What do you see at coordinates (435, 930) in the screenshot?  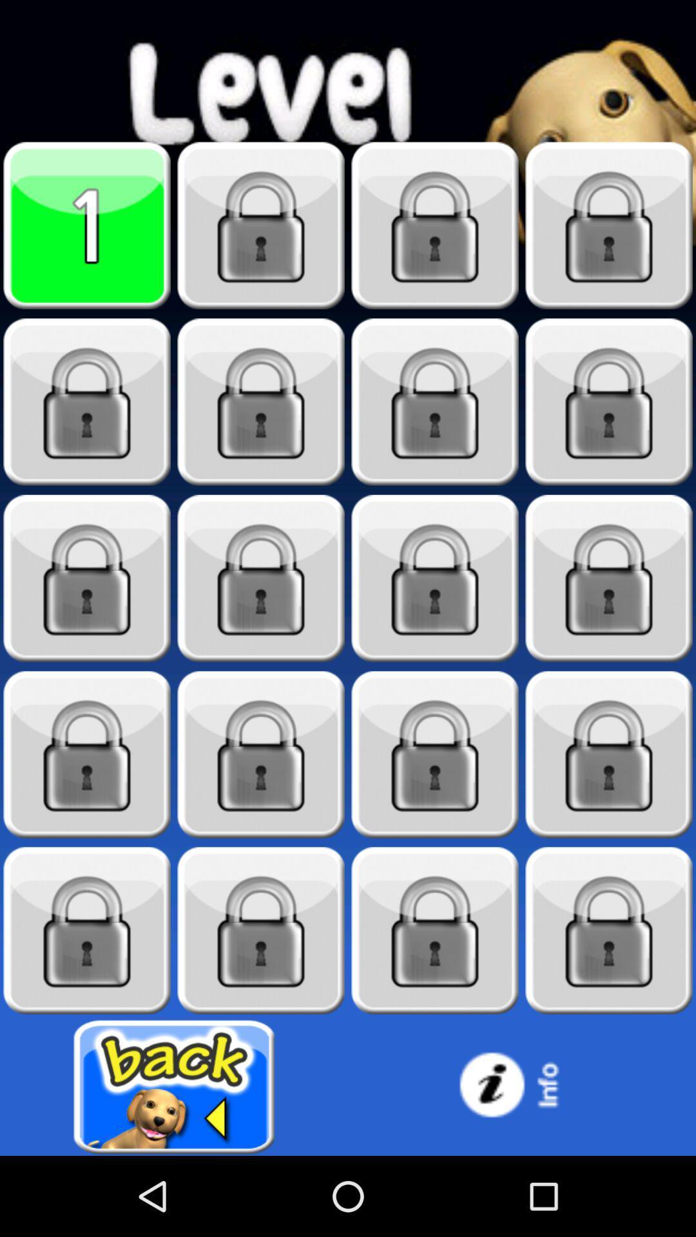 I see `level locked` at bounding box center [435, 930].